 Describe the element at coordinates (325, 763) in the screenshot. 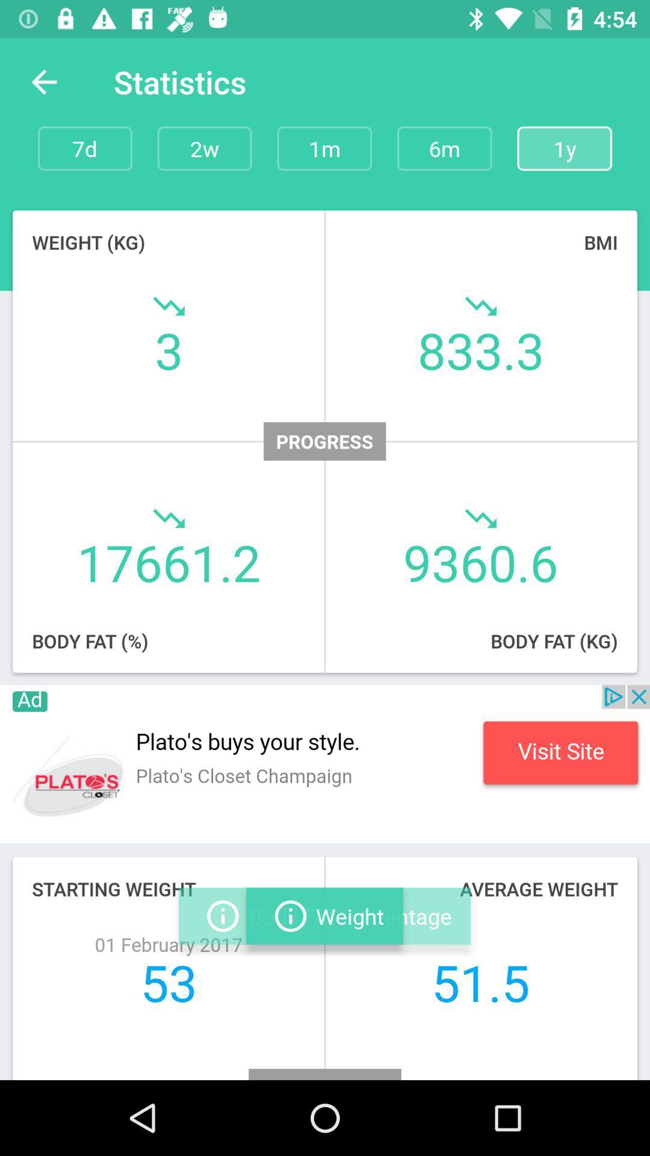

I see `advertising area button` at that location.